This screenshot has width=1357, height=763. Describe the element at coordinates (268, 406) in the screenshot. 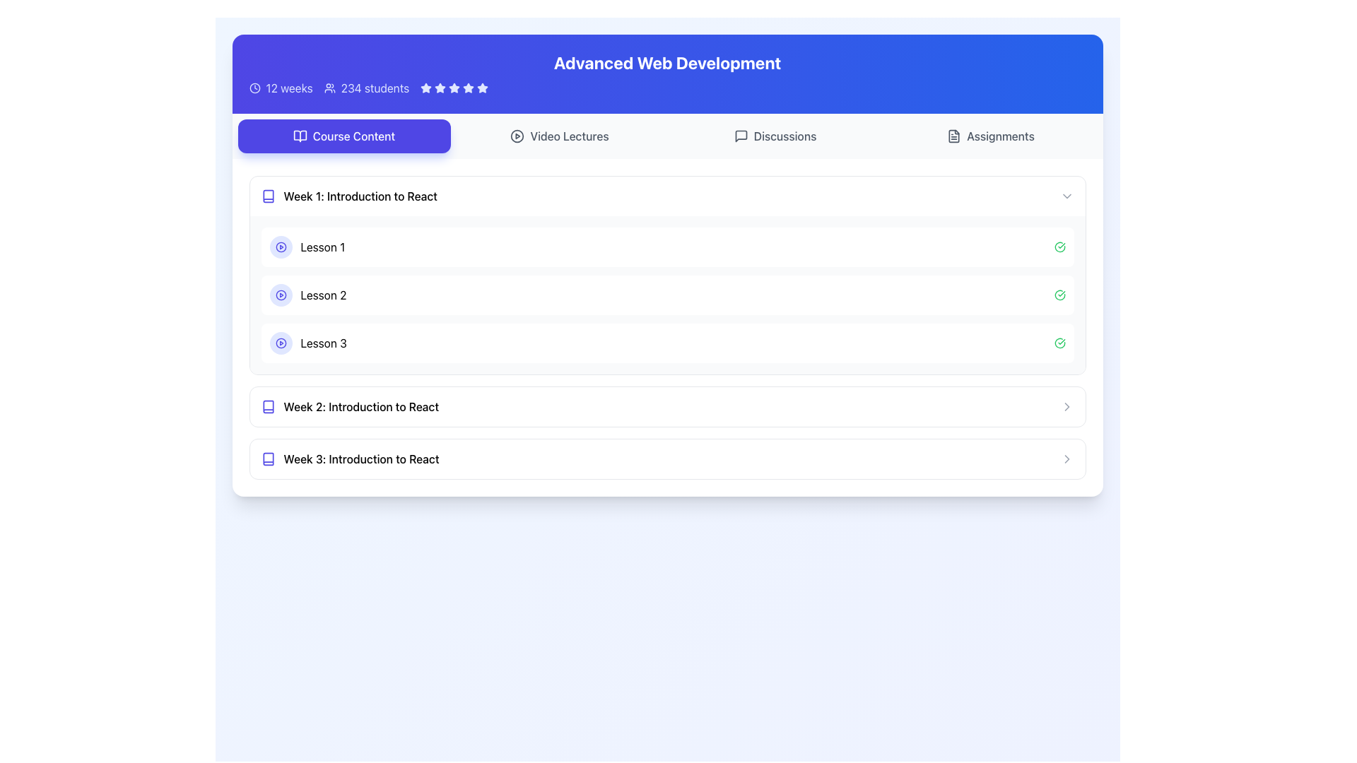

I see `the Book icon representing 'Week 2: Introduction to React' in the Course Content section to provide quick visual recognition for the user` at that location.